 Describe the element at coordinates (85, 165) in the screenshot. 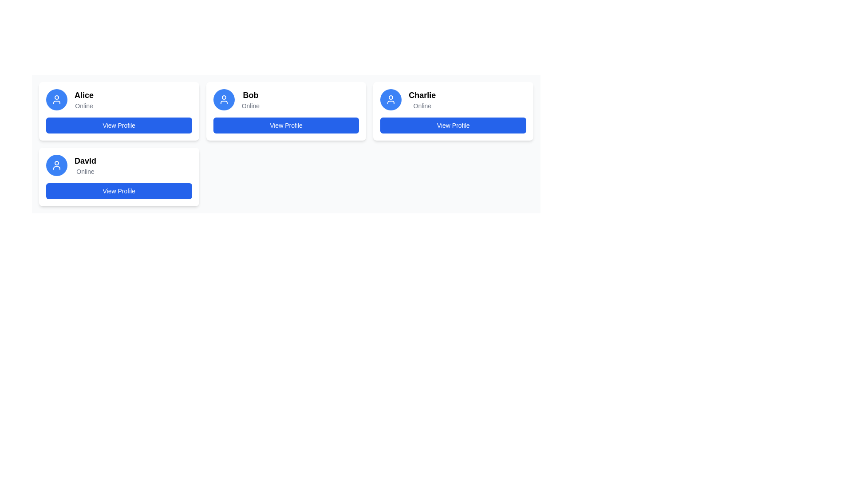

I see `the text display that shows the name 'David' and indicates online status, located in the third profile card of the second row, to the right of the avatar icon and above the 'View Profile' button` at that location.